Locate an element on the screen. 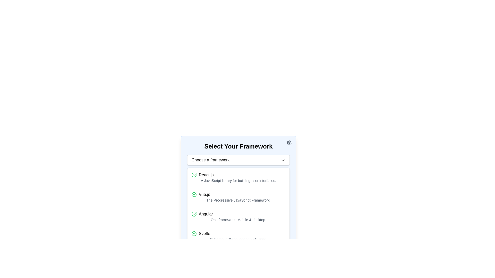 The height and width of the screenshot is (278, 495). the first list item that provides information about the React.js framework is located at coordinates (238, 177).